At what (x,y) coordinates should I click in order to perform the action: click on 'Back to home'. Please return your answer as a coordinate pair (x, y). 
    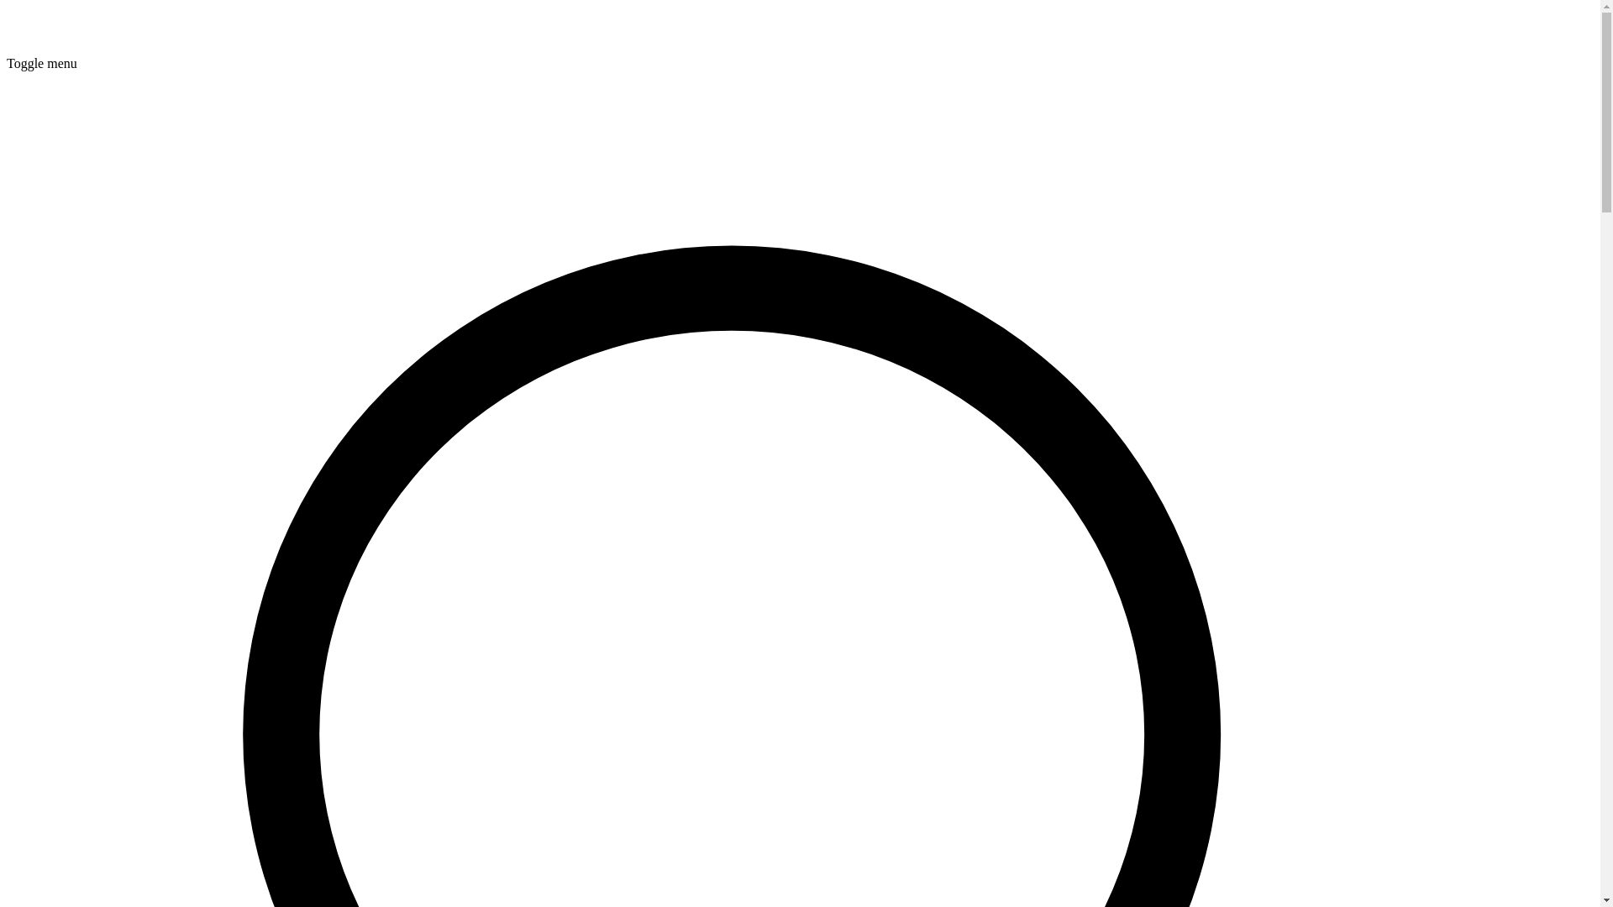
    Looking at the image, I should click on (7, 47).